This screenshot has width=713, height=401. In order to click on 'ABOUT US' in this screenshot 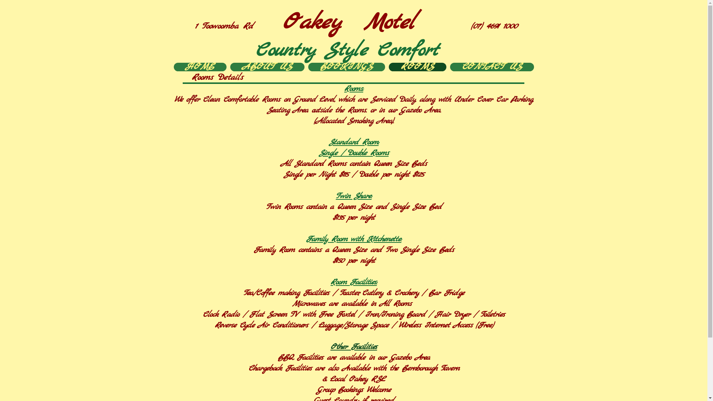, I will do `click(267, 67)`.